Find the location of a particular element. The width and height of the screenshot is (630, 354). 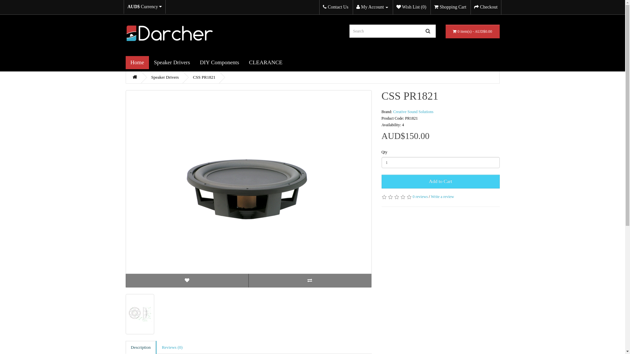

'Creative Sound Solutions' is located at coordinates (413, 111).